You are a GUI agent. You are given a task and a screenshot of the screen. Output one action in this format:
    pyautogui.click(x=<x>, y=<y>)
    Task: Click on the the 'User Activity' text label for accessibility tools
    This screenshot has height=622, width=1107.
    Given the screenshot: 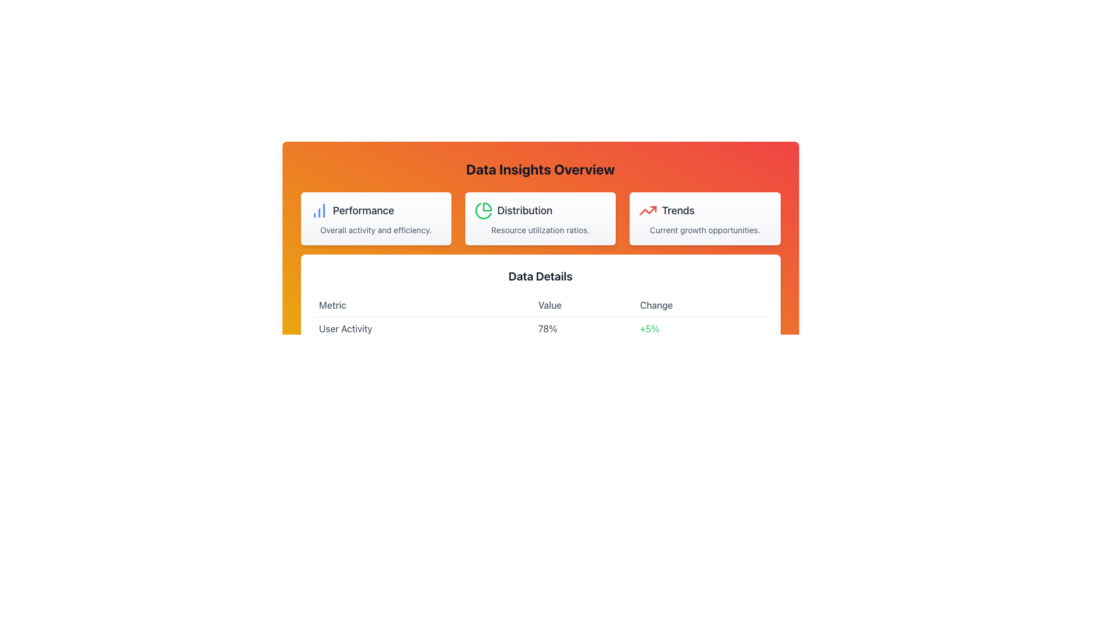 What is the action you would take?
    pyautogui.click(x=423, y=328)
    